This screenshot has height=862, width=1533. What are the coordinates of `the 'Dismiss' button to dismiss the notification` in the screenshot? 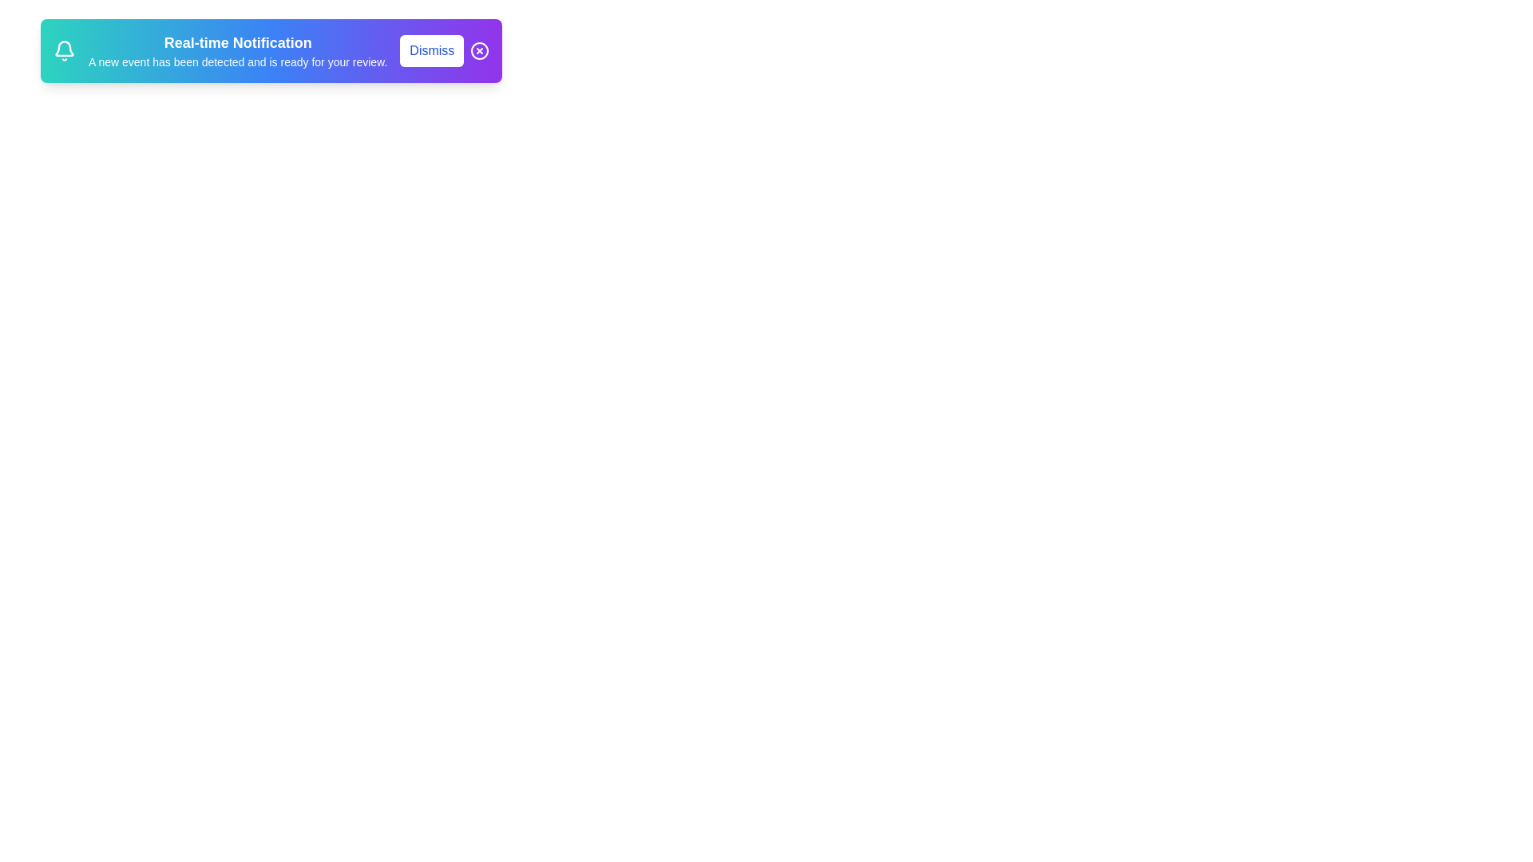 It's located at (432, 50).